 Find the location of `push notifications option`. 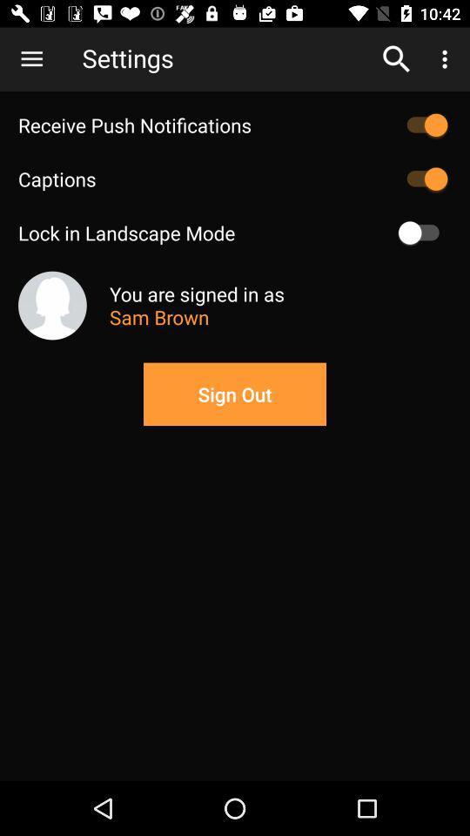

push notifications option is located at coordinates (422, 124).